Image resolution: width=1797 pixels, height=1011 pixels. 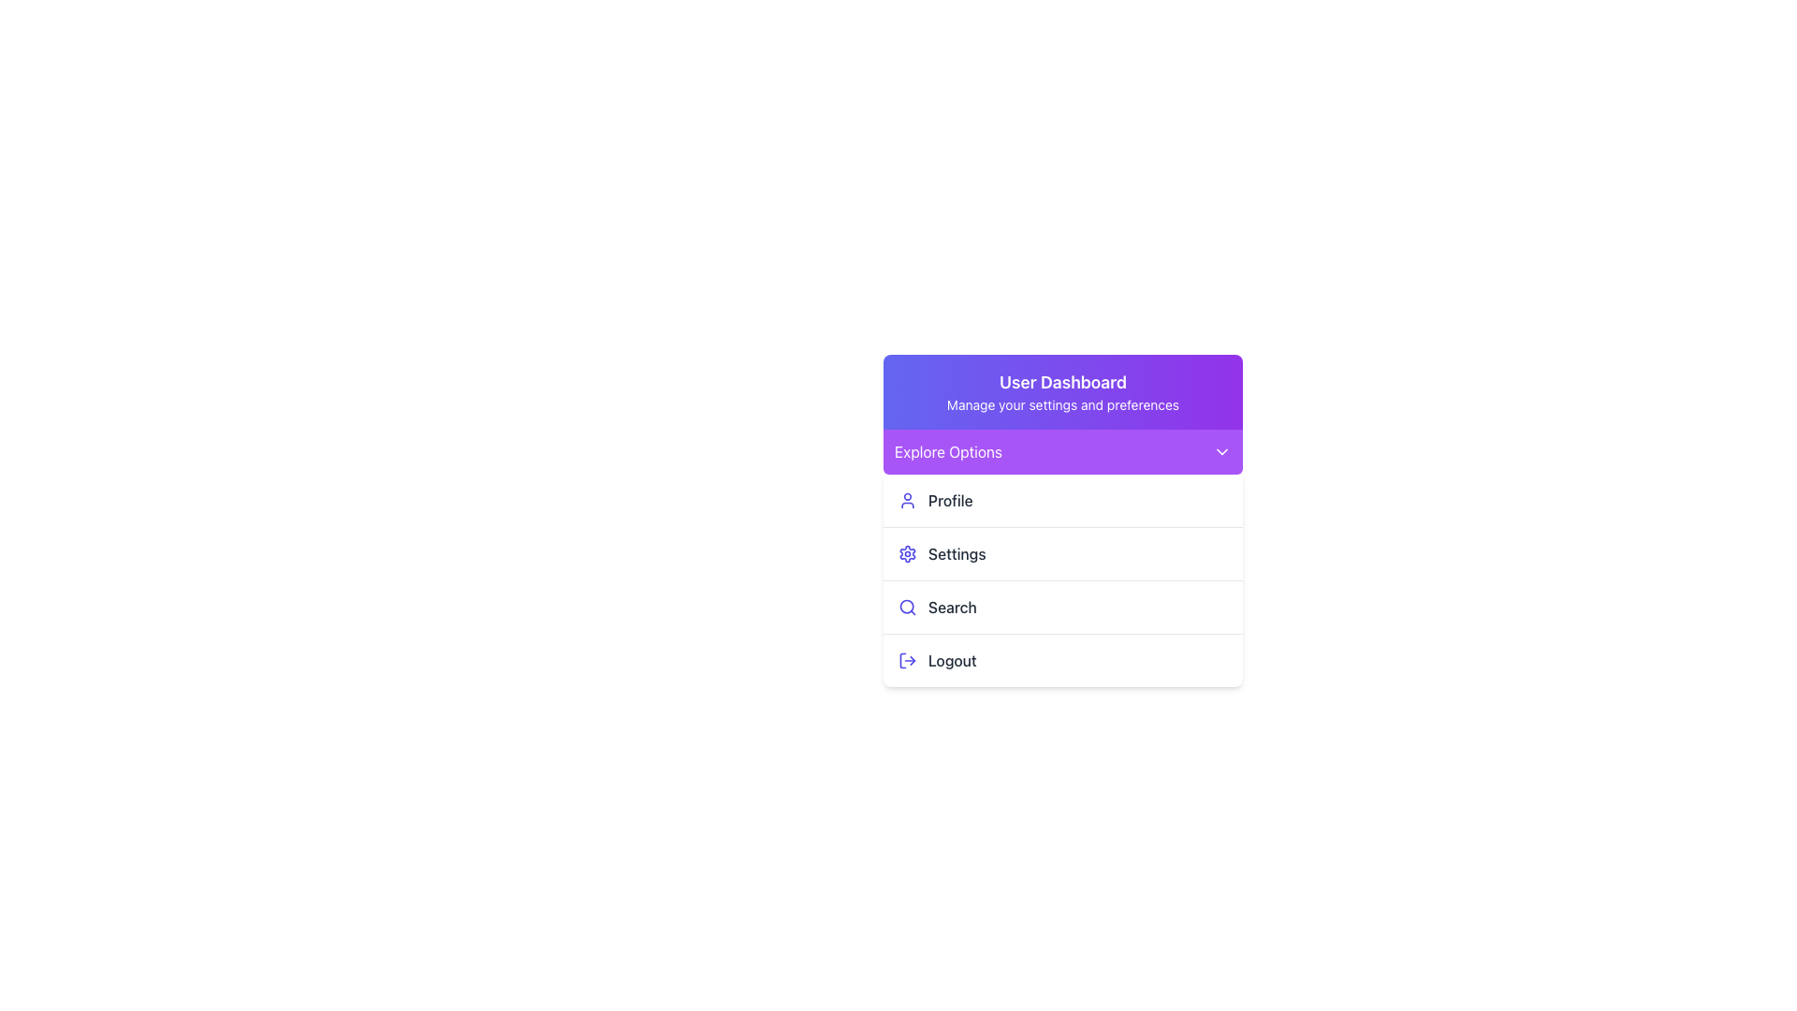 What do you see at coordinates (1063, 500) in the screenshot?
I see `the 'Profile' button in the user dashboard menu to trigger the hover effect` at bounding box center [1063, 500].